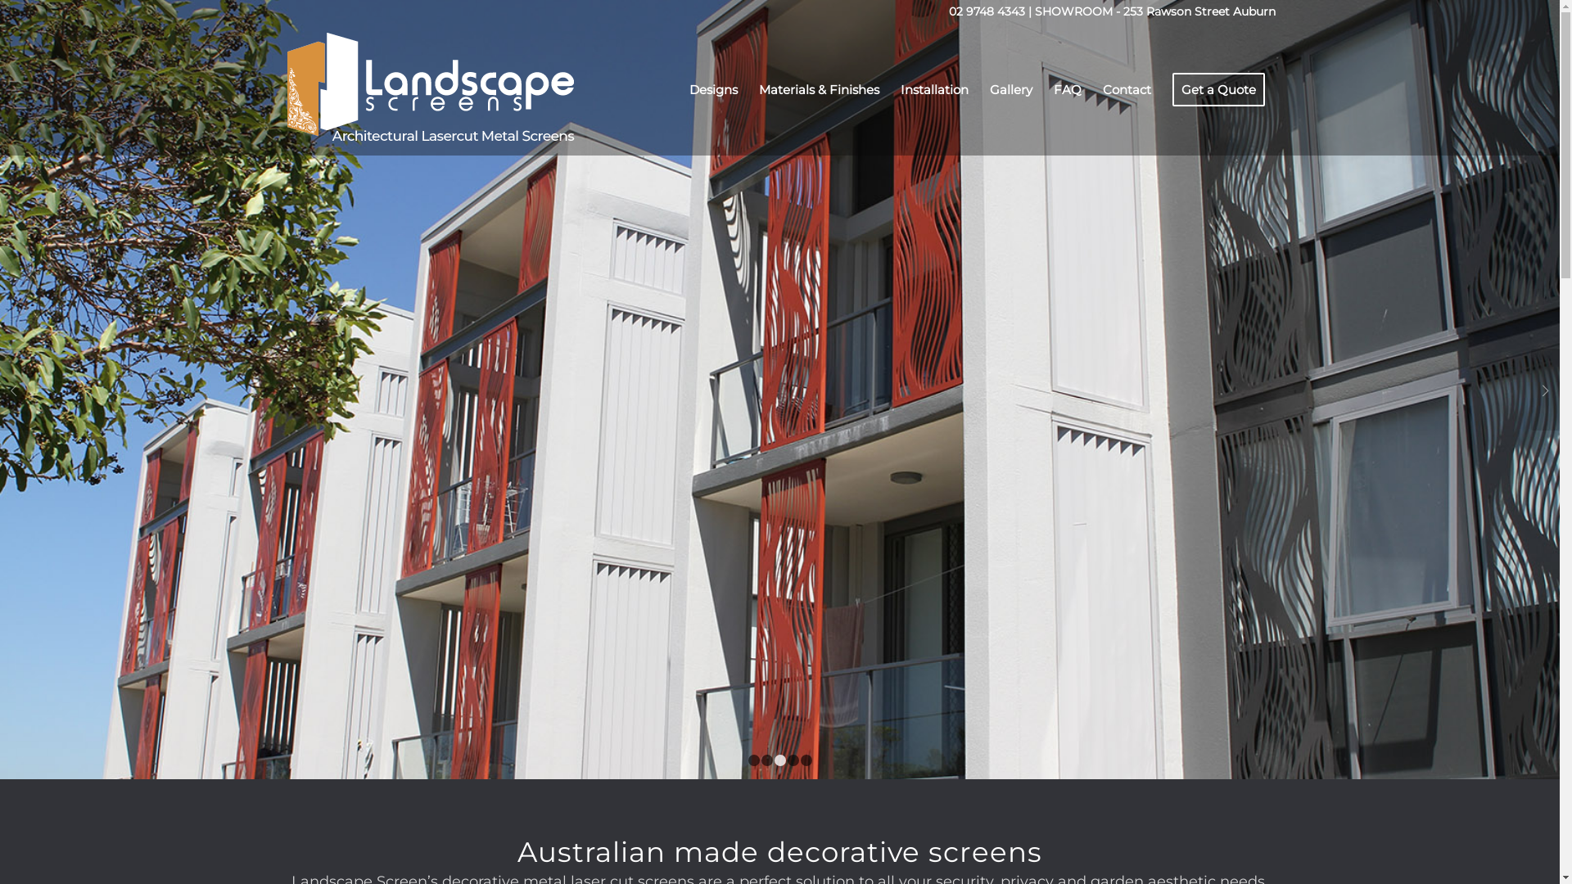 Image resolution: width=1572 pixels, height=884 pixels. I want to click on '3', so click(779, 760).